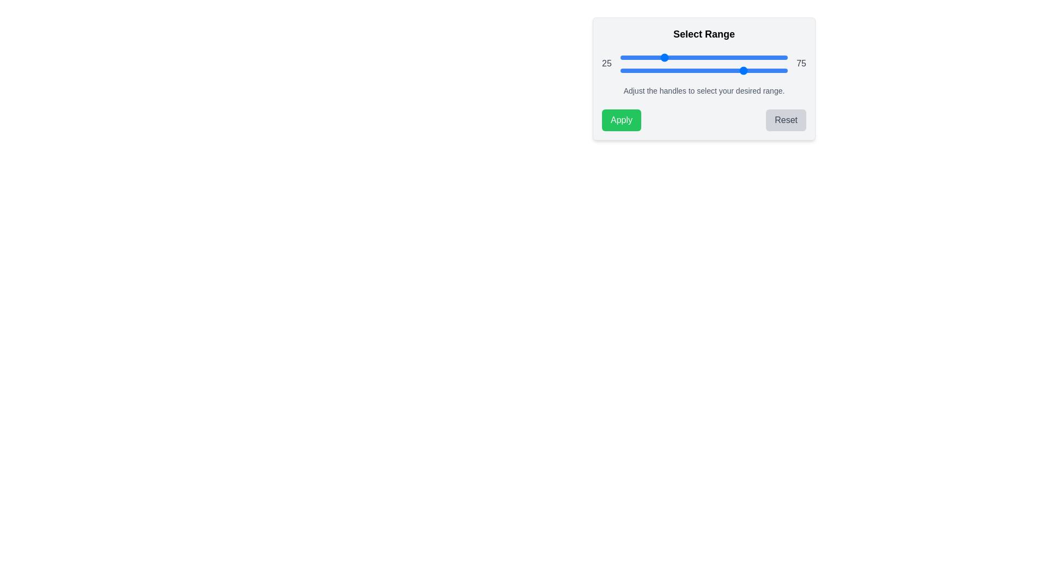 This screenshot has height=588, width=1046. What do you see at coordinates (660, 71) in the screenshot?
I see `the slider value` at bounding box center [660, 71].